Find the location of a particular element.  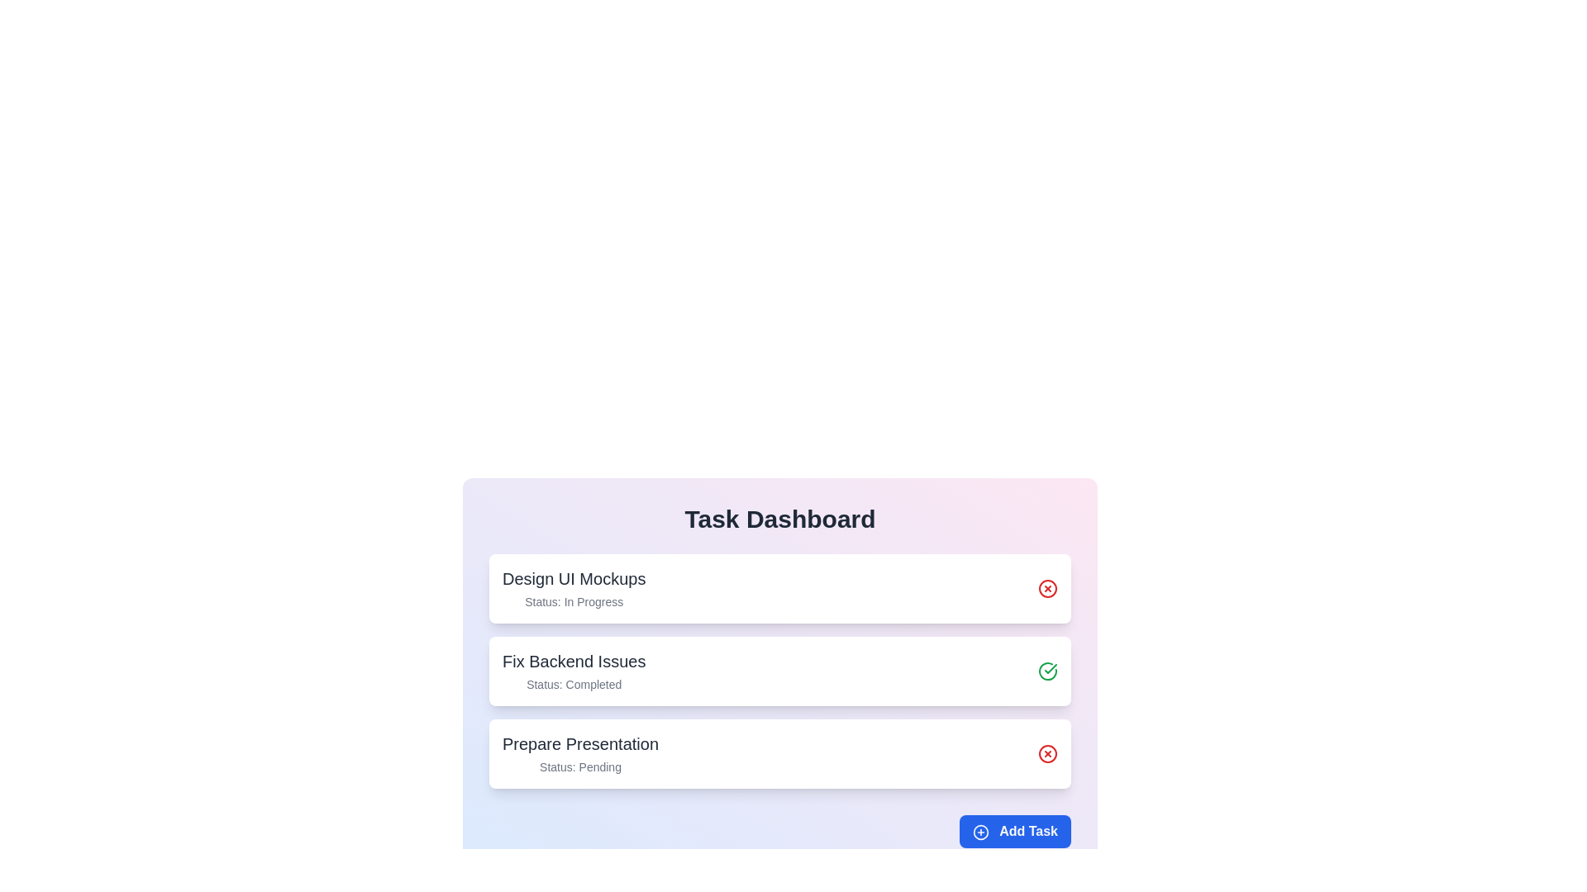

the 'Add Task' button to add a new task to the task list is located at coordinates (1014, 831).